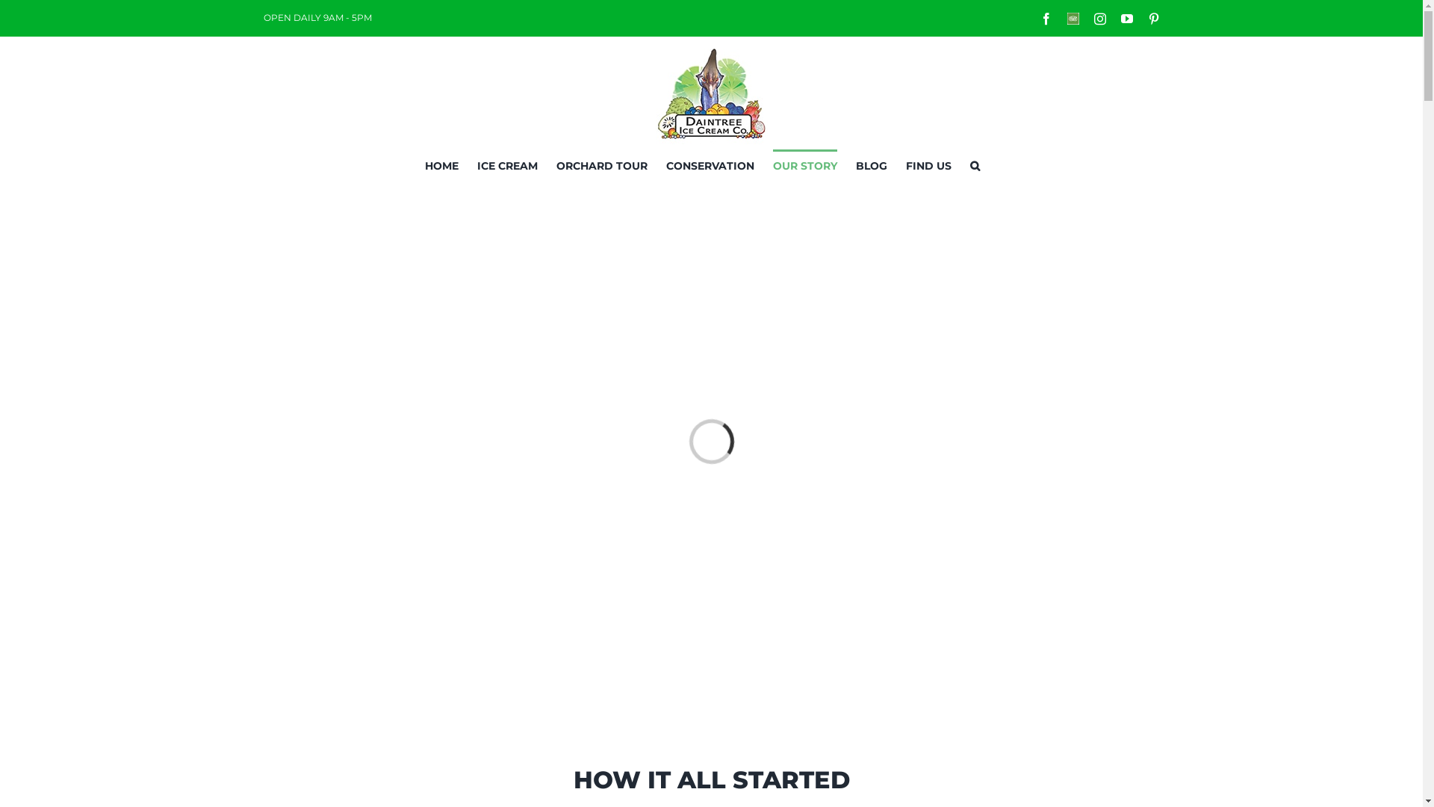  I want to click on 'YouTube', so click(1126, 17).